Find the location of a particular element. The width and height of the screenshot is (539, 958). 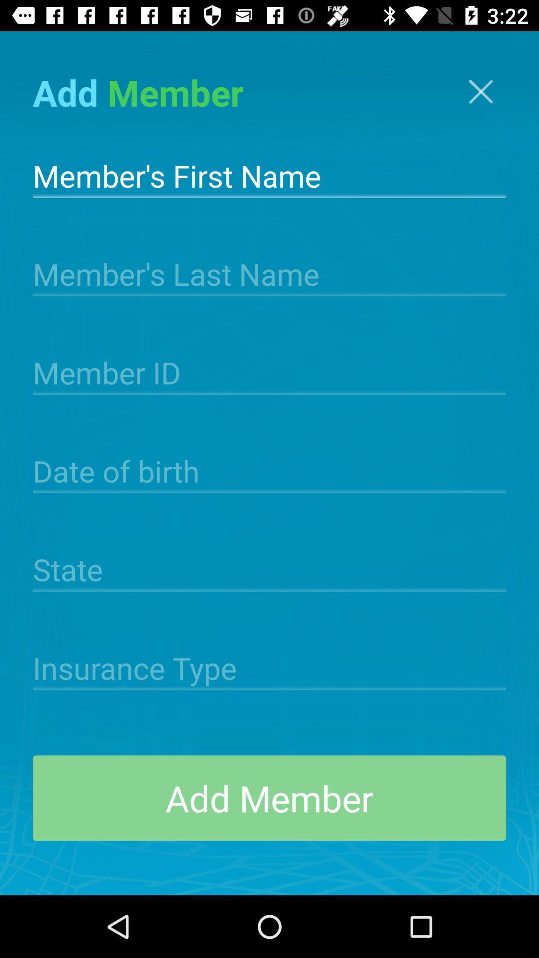

screen/cancel button is located at coordinates (480, 91).